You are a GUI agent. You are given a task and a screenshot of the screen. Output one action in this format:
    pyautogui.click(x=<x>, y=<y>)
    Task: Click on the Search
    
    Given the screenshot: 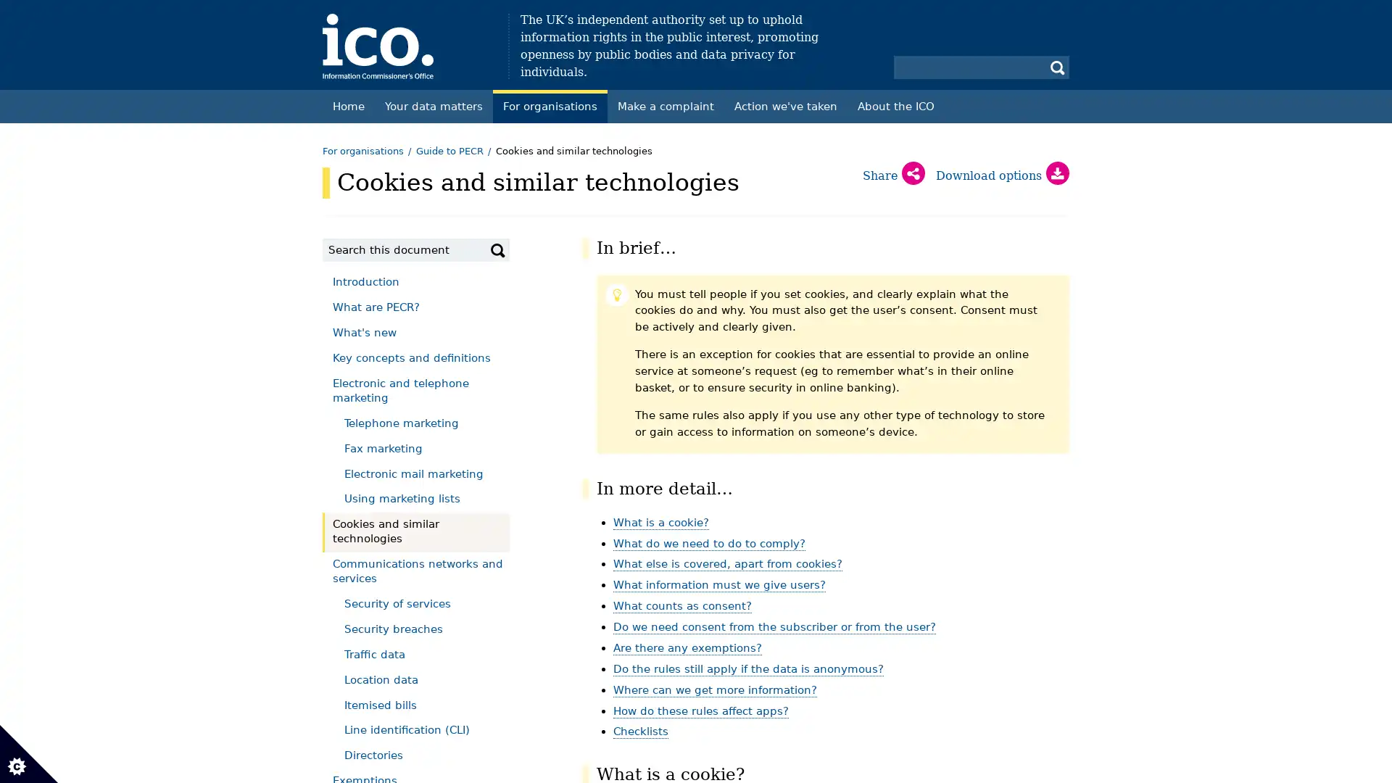 What is the action you would take?
    pyautogui.click(x=1058, y=67)
    